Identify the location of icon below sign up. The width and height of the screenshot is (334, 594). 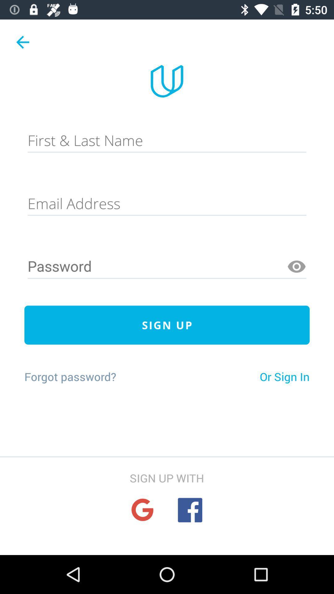
(70, 376).